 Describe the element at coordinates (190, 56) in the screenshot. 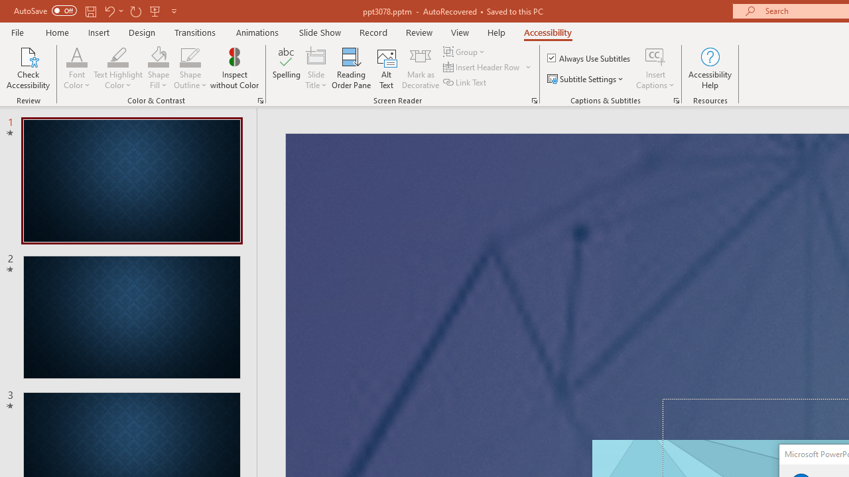

I see `'Shape Outline'` at that location.